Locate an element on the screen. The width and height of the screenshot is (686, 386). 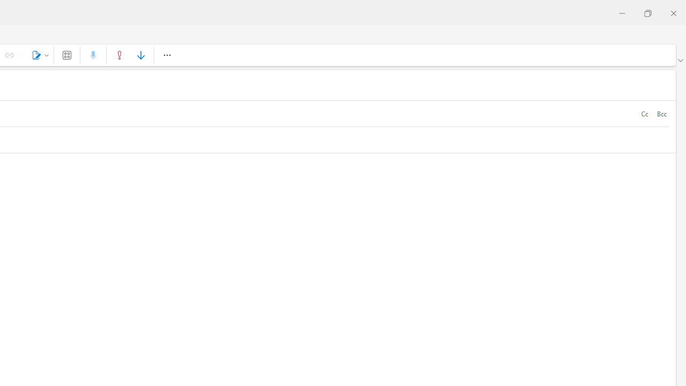
'High importance' is located at coordinates (120, 55).